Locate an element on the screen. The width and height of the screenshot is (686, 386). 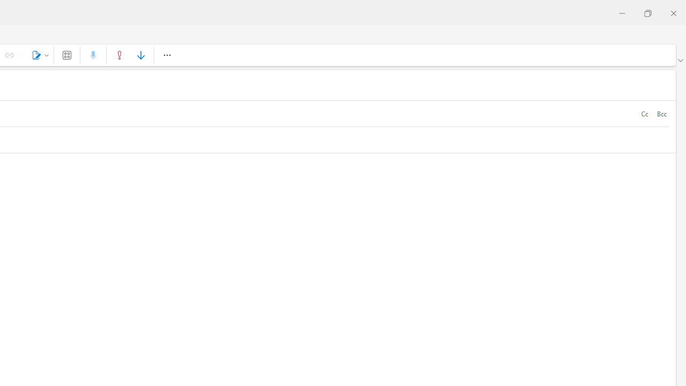
'High importance' is located at coordinates (120, 55).